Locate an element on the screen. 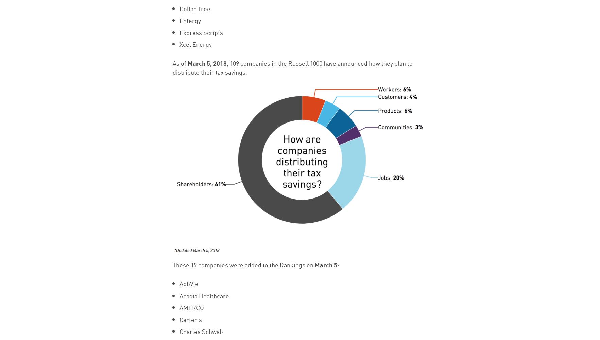 Image resolution: width=600 pixels, height=340 pixels. 'These 19 companies were added to the Rankings on' is located at coordinates (243, 264).